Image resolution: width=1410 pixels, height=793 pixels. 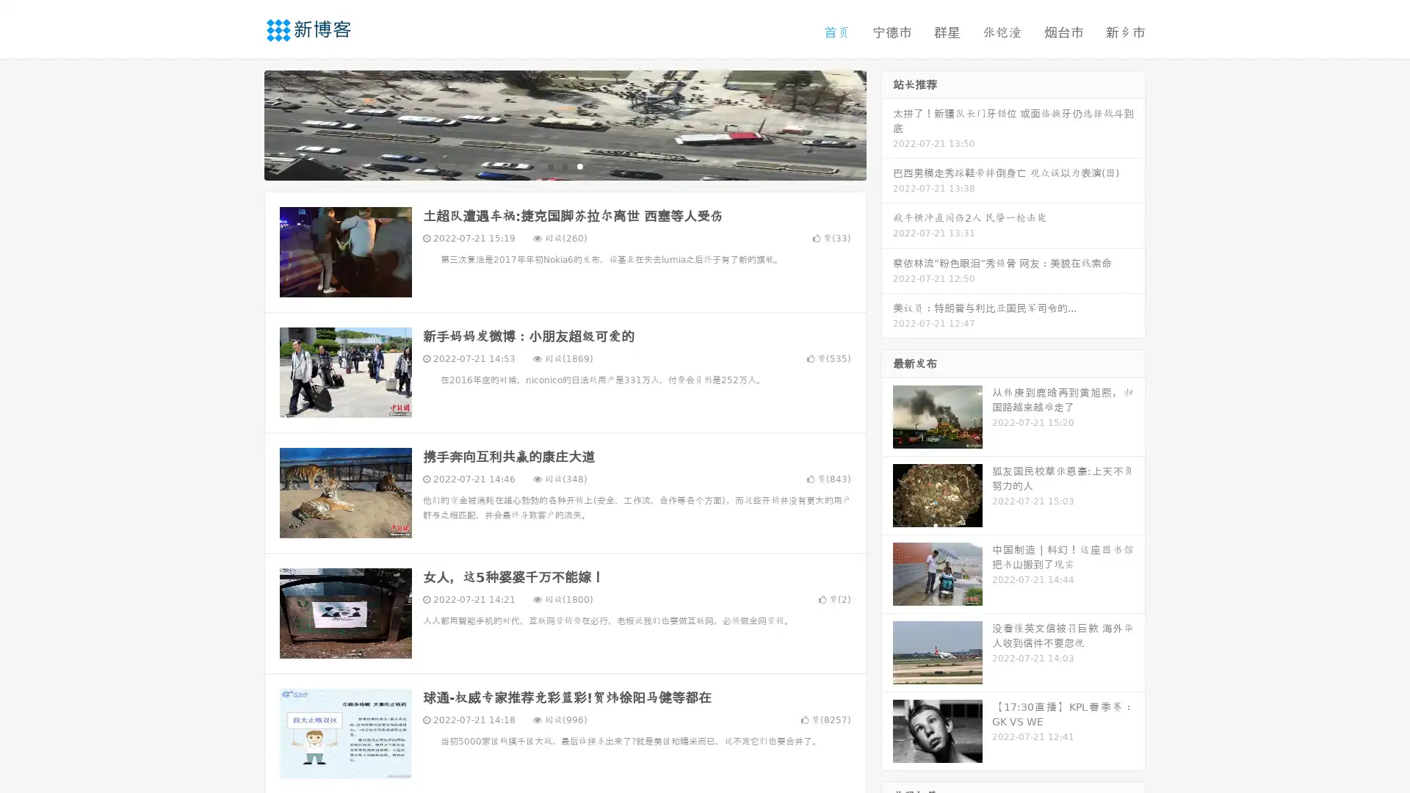 What do you see at coordinates (549, 165) in the screenshot?
I see `Go to slide 1` at bounding box center [549, 165].